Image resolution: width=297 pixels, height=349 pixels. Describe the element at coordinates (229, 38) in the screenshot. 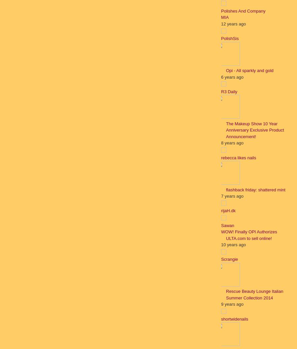

I see `'PolishSis'` at that location.